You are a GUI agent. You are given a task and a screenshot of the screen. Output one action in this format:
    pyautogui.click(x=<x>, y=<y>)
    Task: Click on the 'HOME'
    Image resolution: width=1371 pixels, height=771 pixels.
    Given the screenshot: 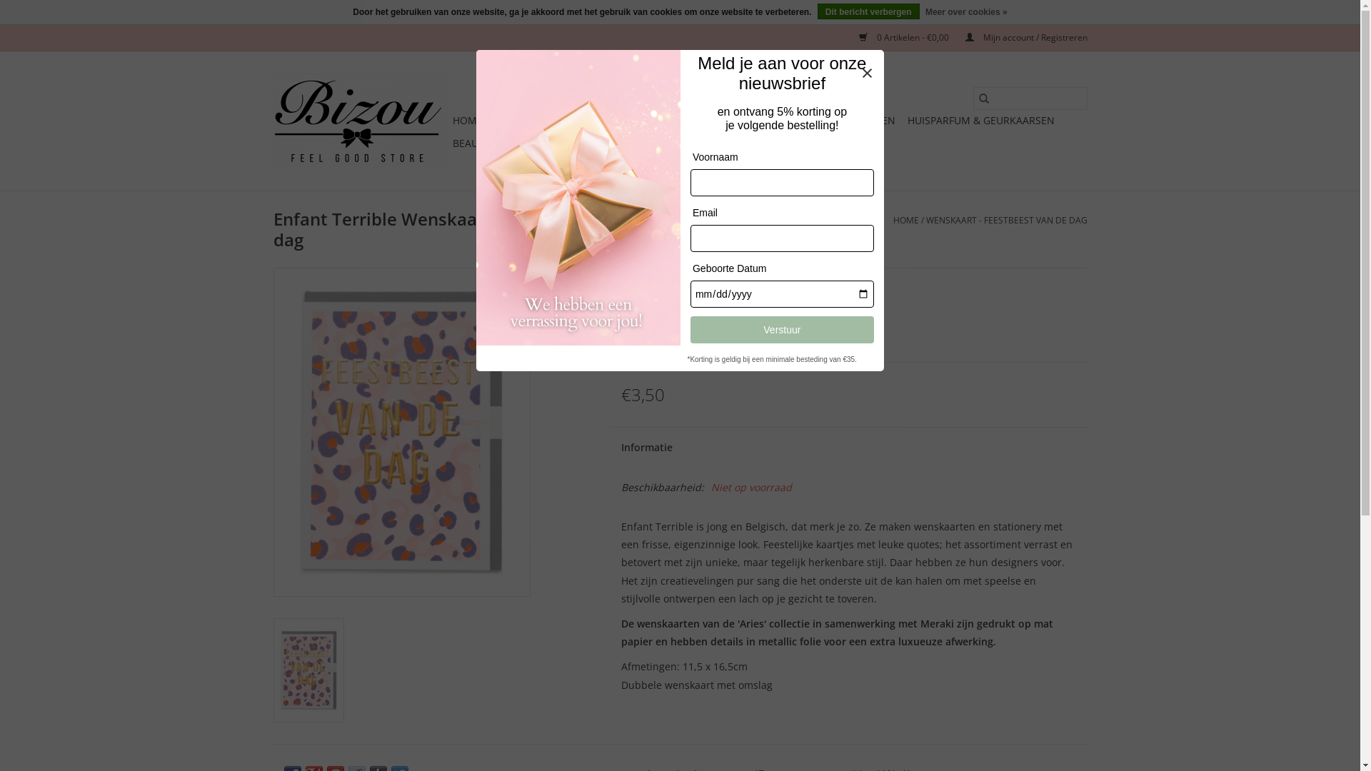 What is the action you would take?
    pyautogui.click(x=467, y=120)
    